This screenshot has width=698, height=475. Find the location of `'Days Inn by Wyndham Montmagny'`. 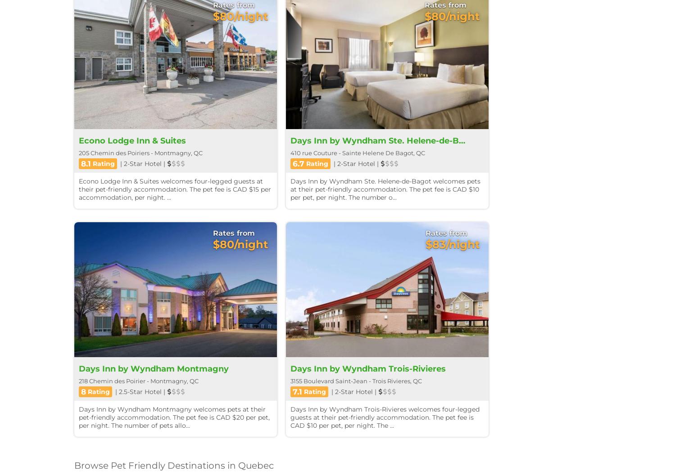

'Days Inn by Wyndham Montmagny' is located at coordinates (153, 368).